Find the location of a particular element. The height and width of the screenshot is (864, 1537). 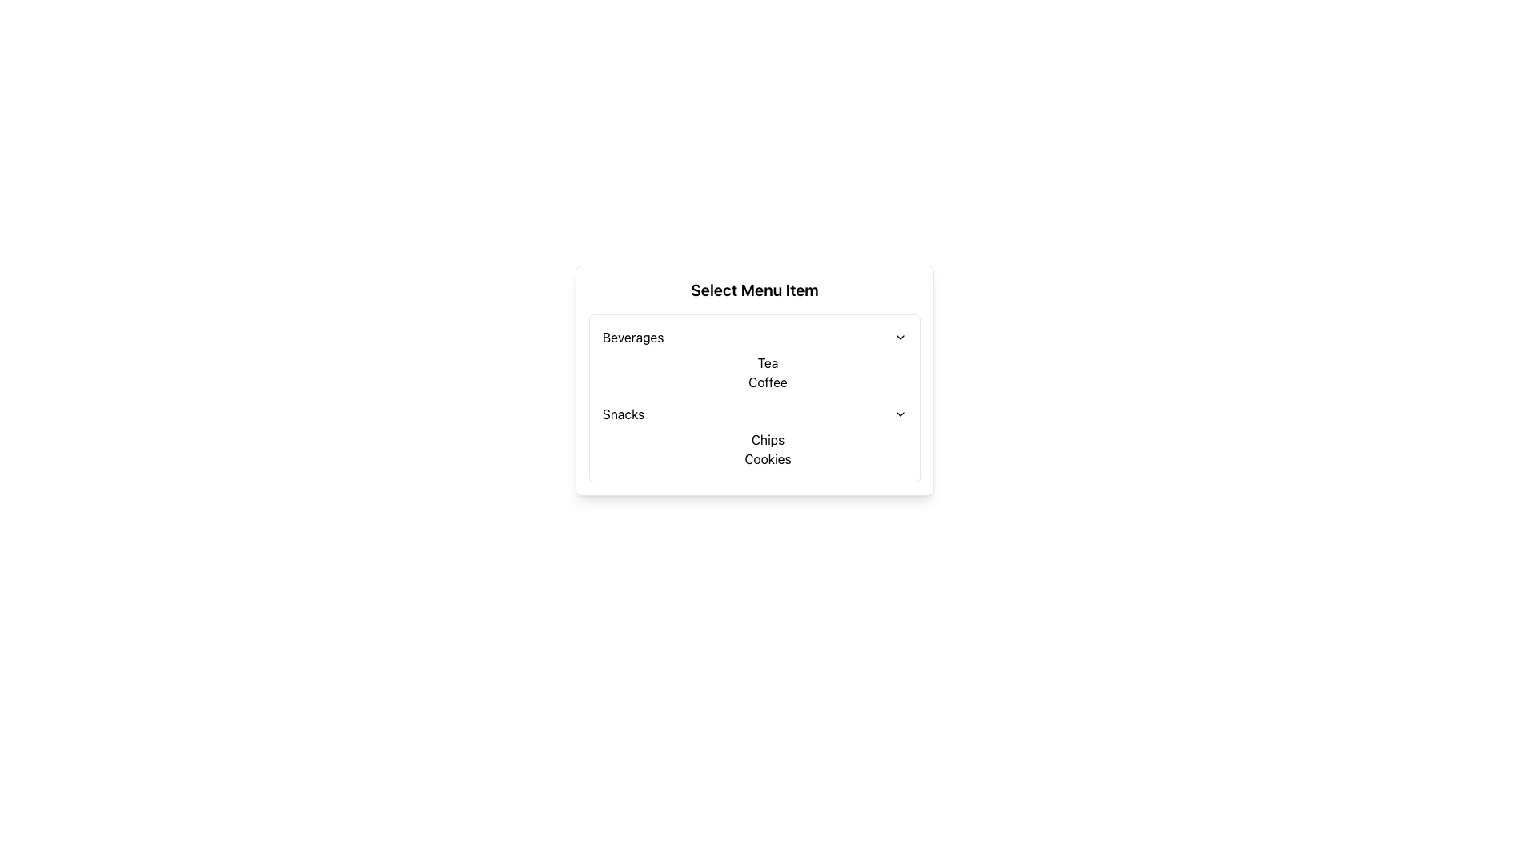

the text label containing the word 'Snacks' is located at coordinates (623, 413).